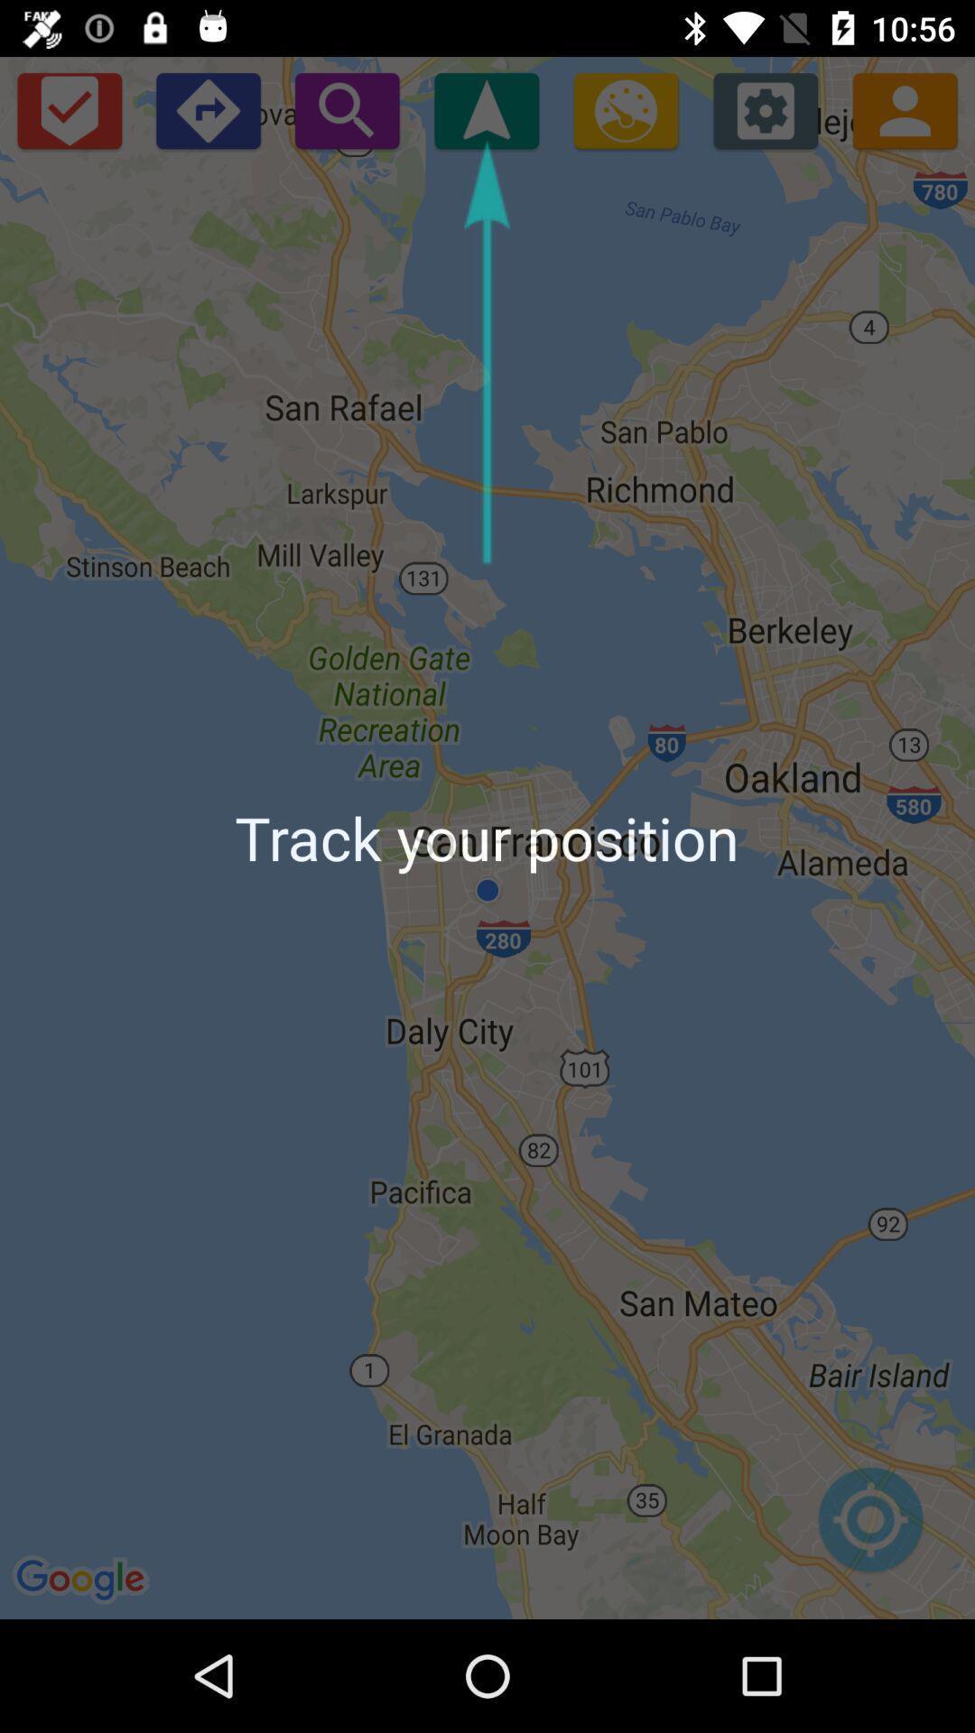  I want to click on the settings icon, so click(766, 109).